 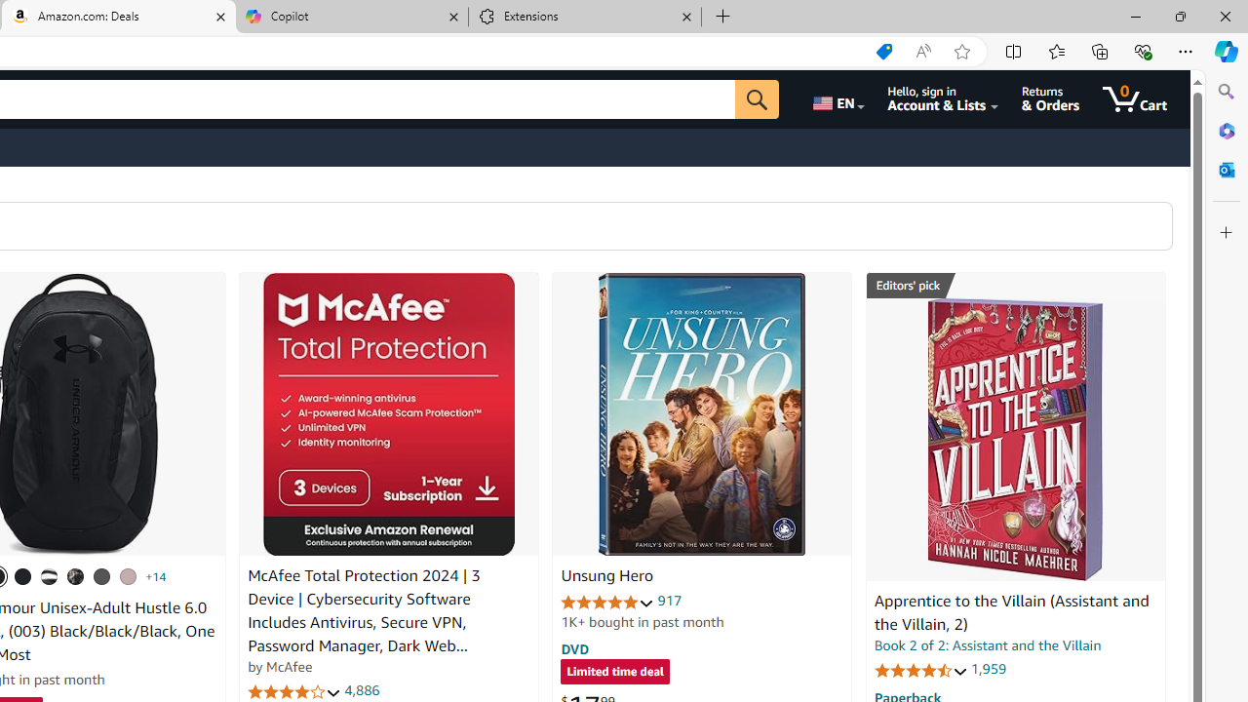 I want to click on 'Choose a language for shopping.', so click(x=837, y=98).